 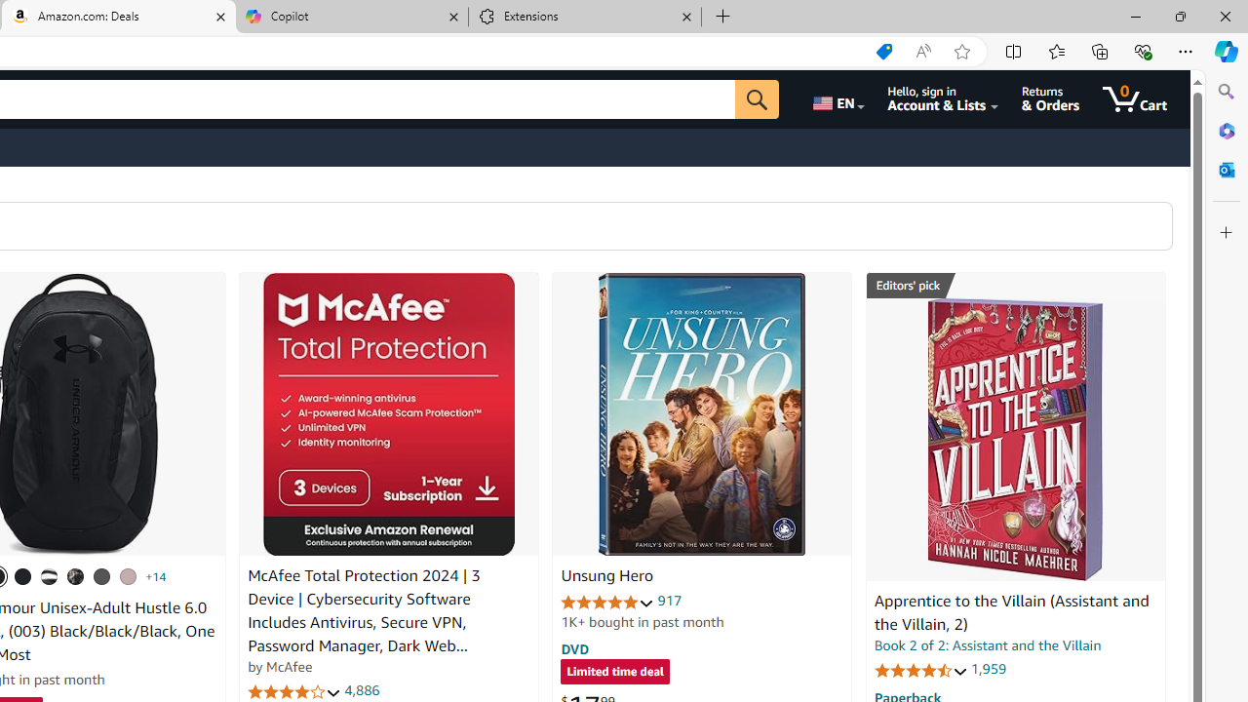 I want to click on 'Choose a language for shopping.', so click(x=837, y=98).